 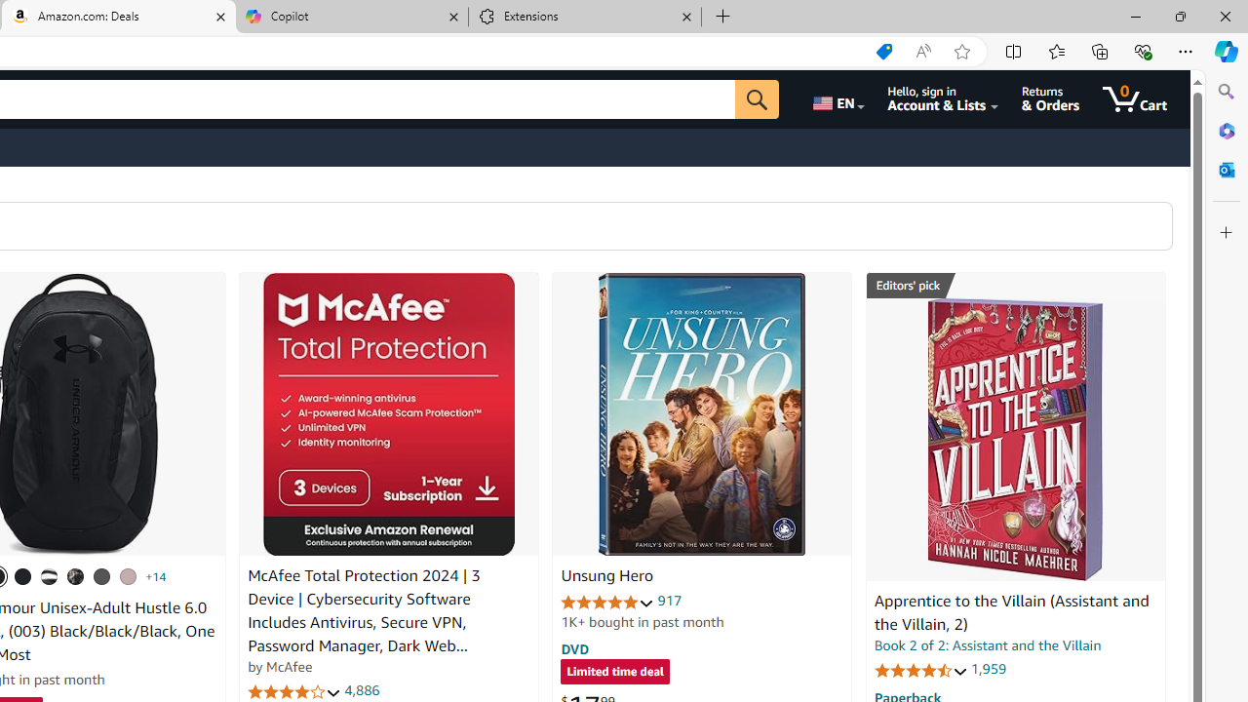 I want to click on 'Choose a language for shopping.', so click(x=837, y=98).